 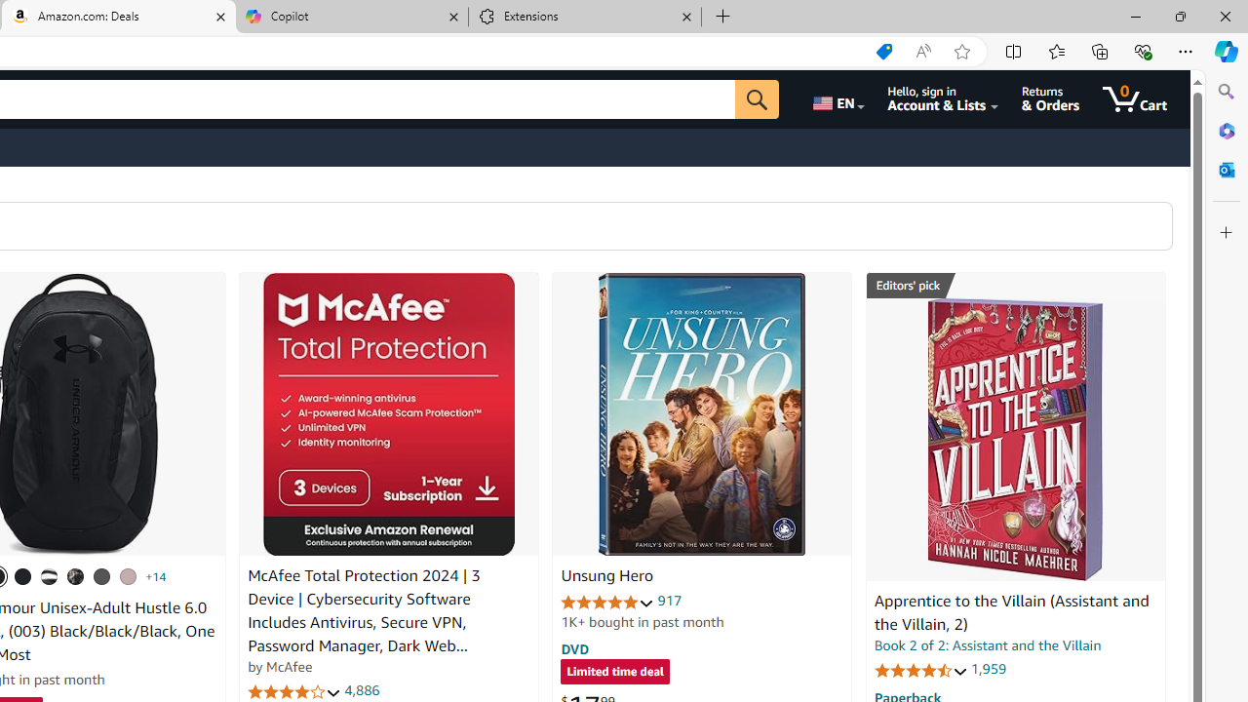 I want to click on 'Choose a language for shopping.', so click(x=837, y=98).